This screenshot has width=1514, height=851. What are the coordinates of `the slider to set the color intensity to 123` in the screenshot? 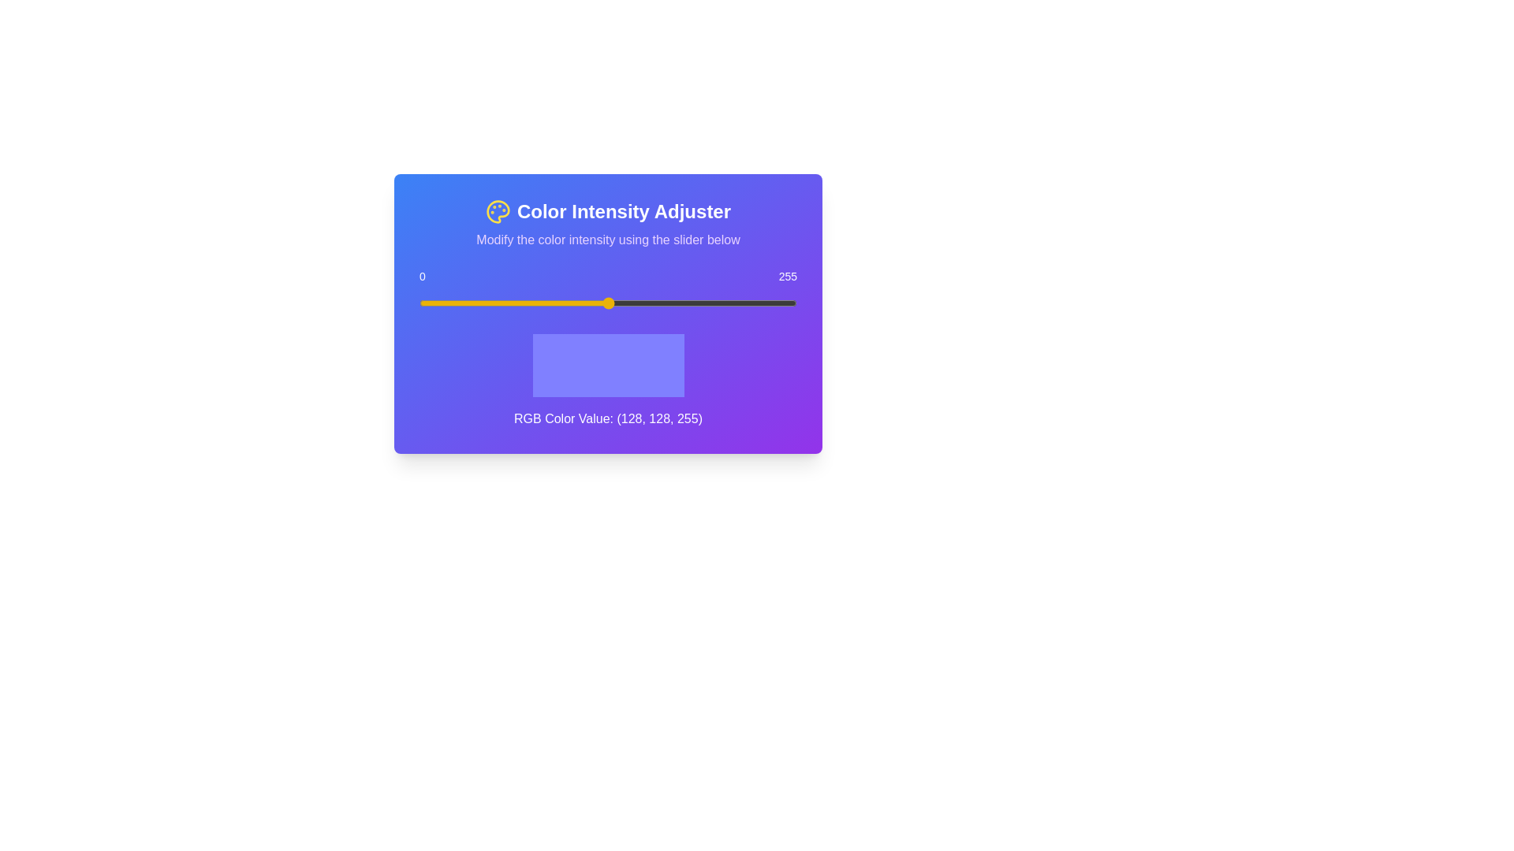 It's located at (601, 303).